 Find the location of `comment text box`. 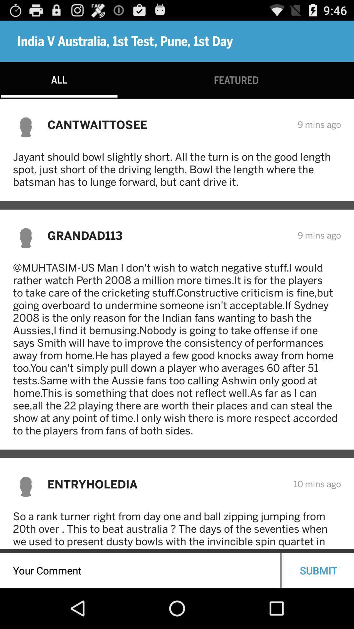

comment text box is located at coordinates (140, 570).